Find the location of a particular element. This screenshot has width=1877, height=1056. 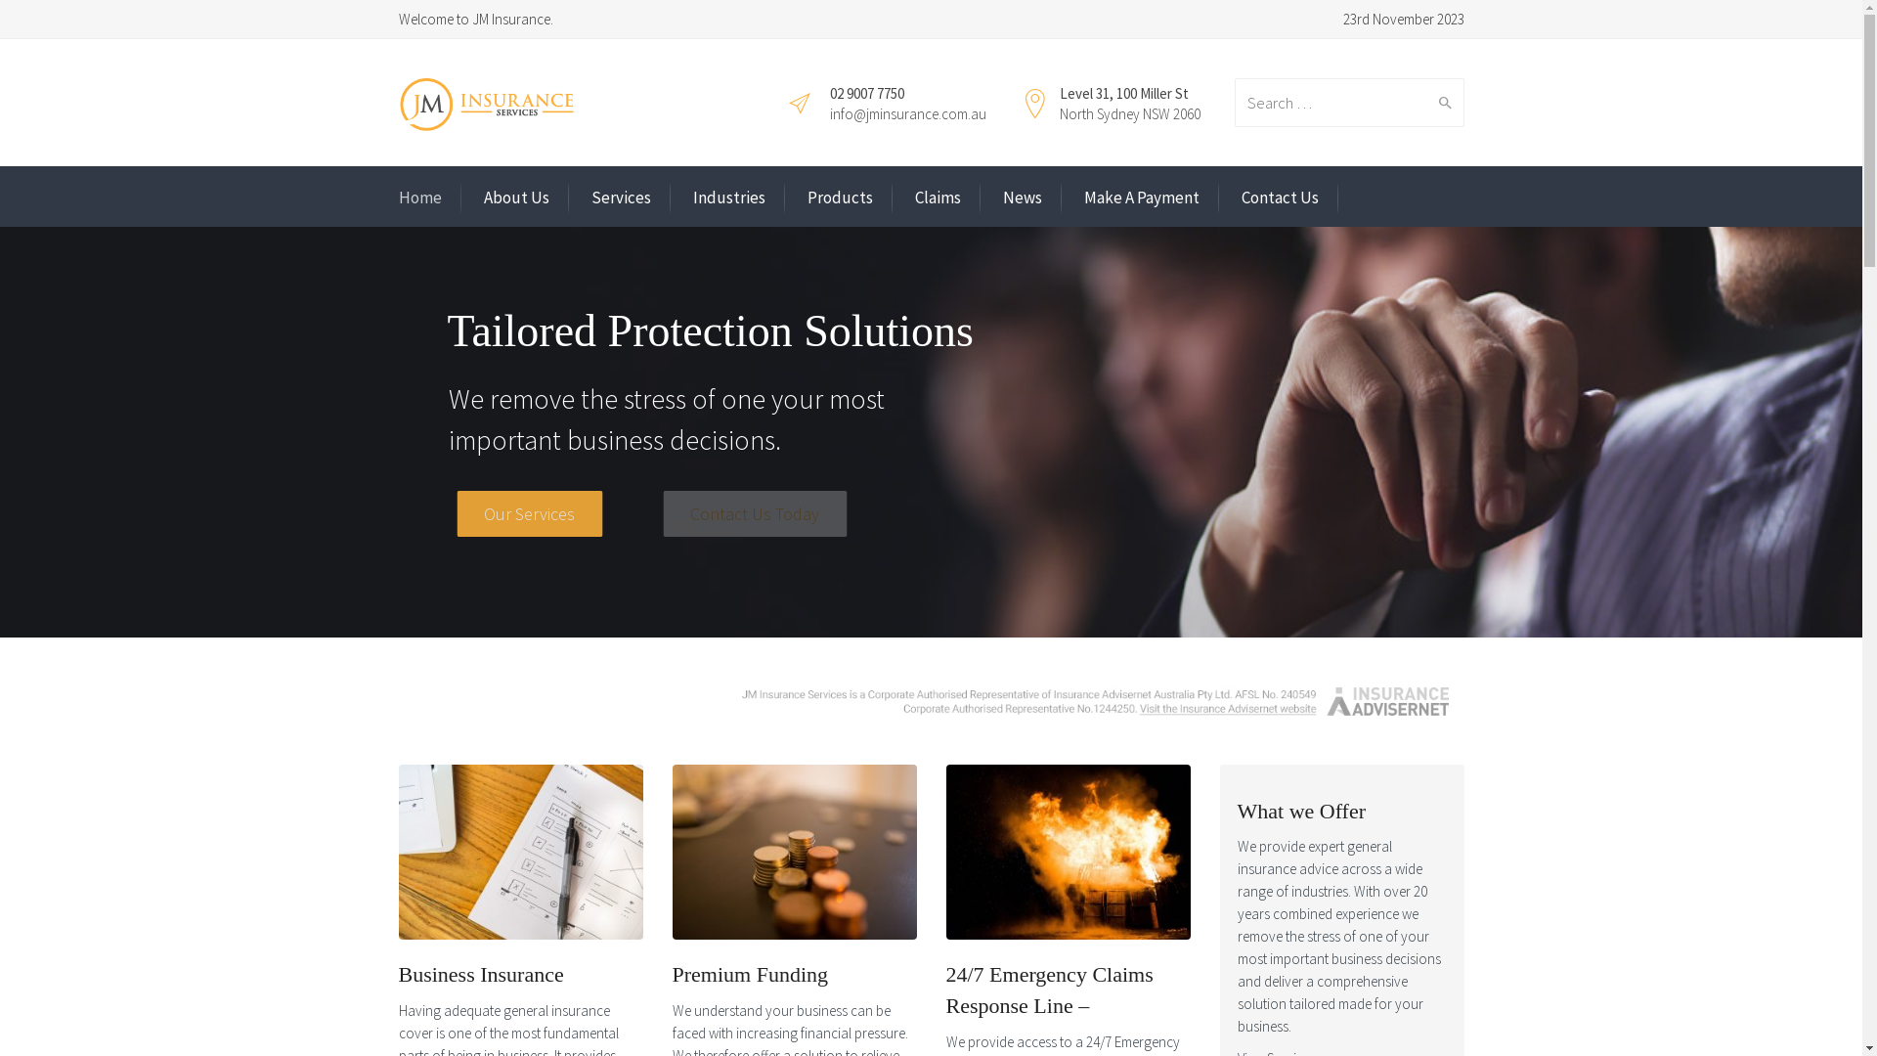

'info@jminsurance.com.au' is located at coordinates (905, 113).